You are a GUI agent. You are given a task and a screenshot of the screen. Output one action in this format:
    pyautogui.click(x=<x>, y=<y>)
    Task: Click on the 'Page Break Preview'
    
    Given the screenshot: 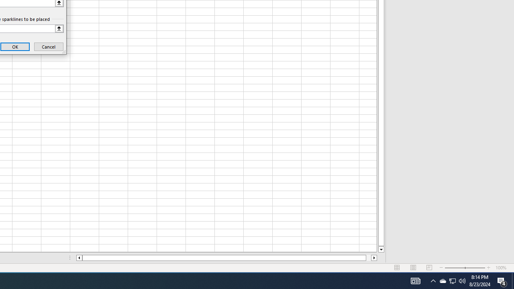 What is the action you would take?
    pyautogui.click(x=429, y=268)
    